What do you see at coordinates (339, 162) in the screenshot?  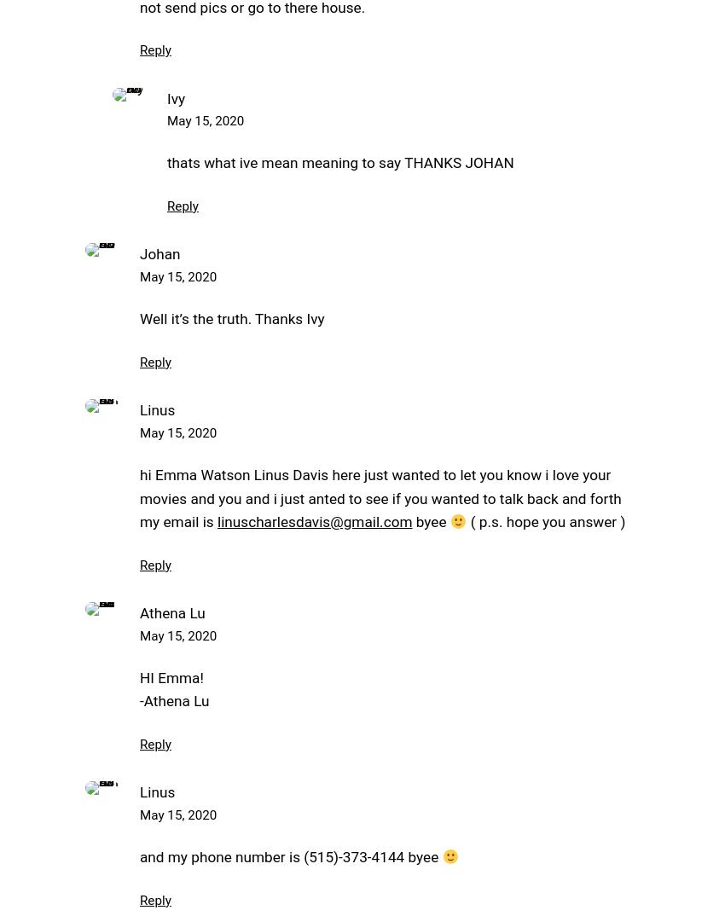 I see `'thats what ive mean meaning to say THANKS JOHAN'` at bounding box center [339, 162].